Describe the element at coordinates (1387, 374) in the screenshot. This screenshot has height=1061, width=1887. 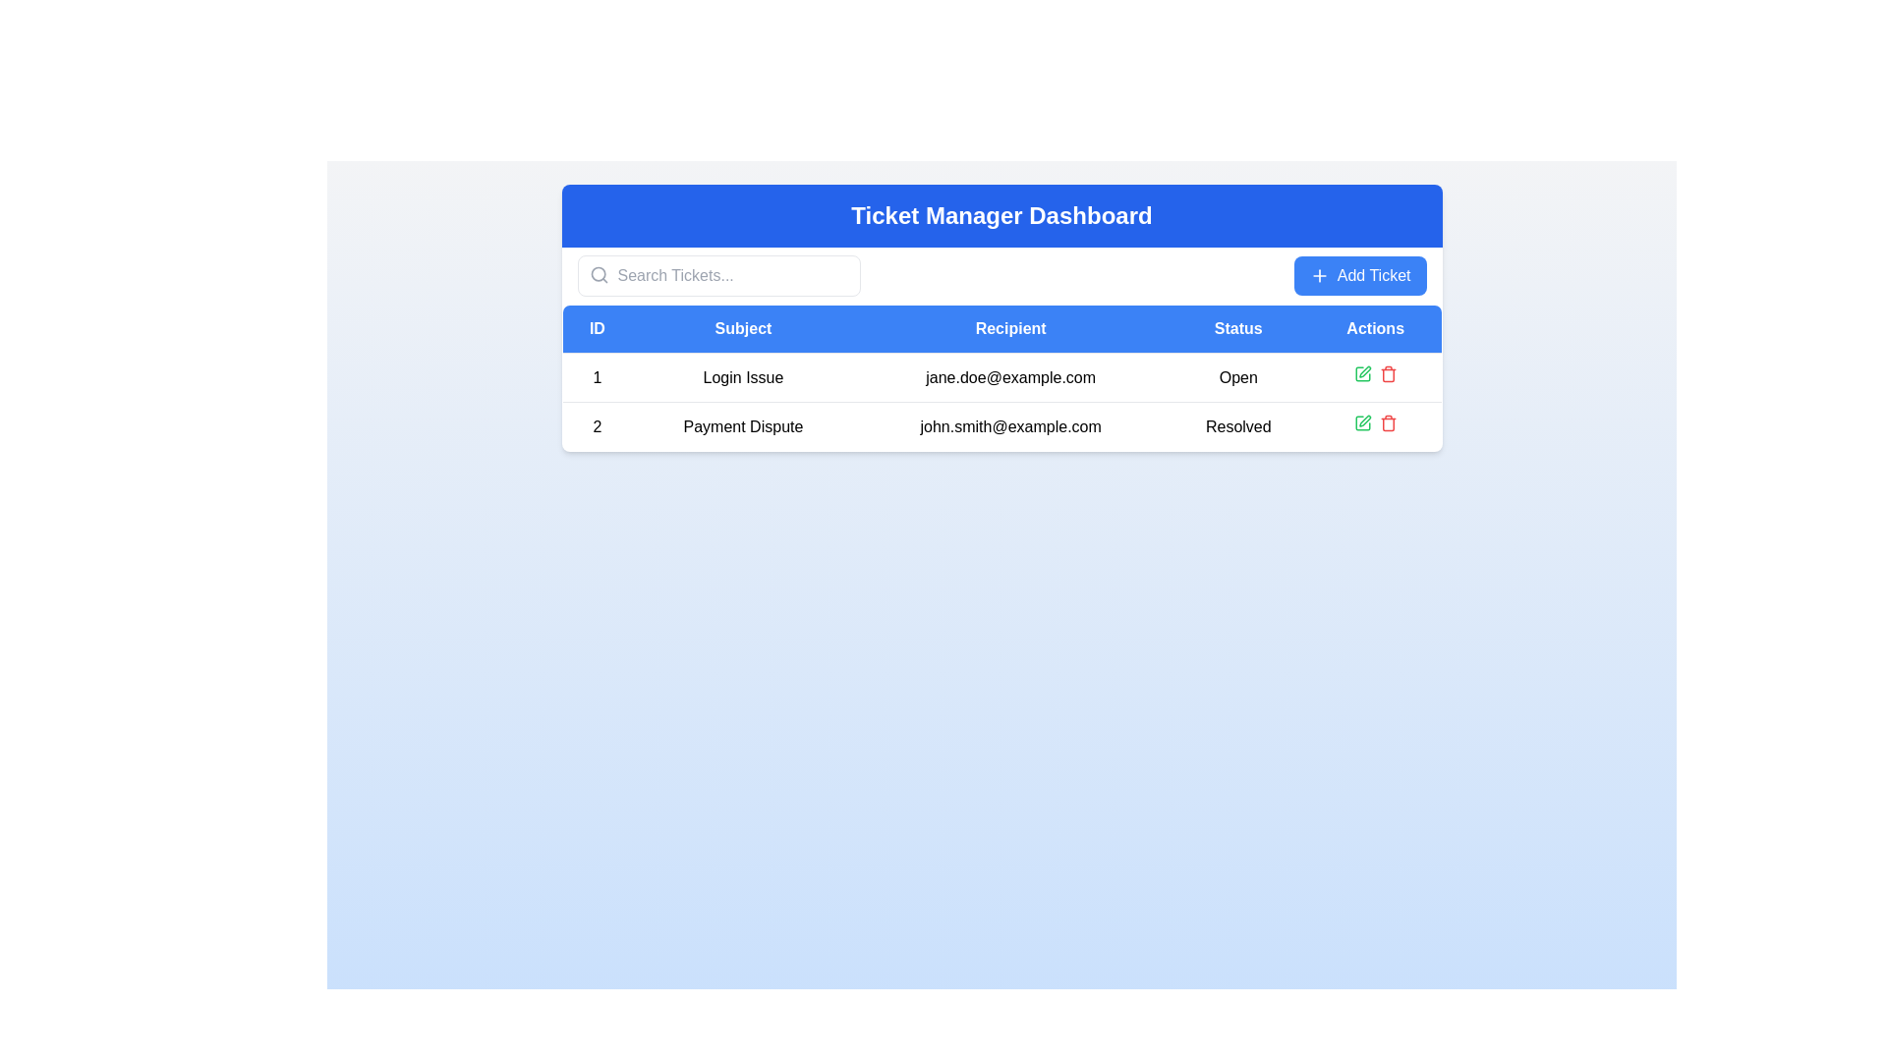
I see `the delete button in the Actions column of the second row to initiate a delete action for the corresponding ticket` at that location.